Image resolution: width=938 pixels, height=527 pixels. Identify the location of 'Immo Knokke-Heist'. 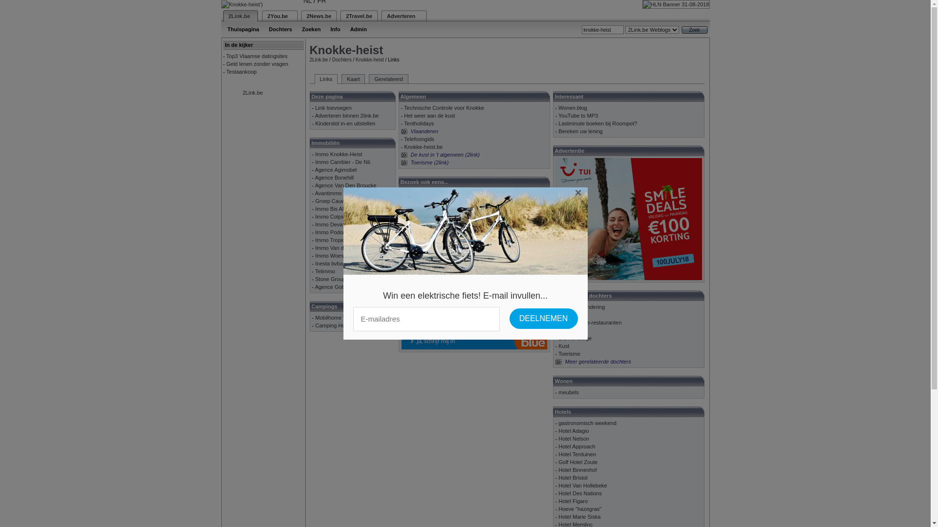
(338, 154).